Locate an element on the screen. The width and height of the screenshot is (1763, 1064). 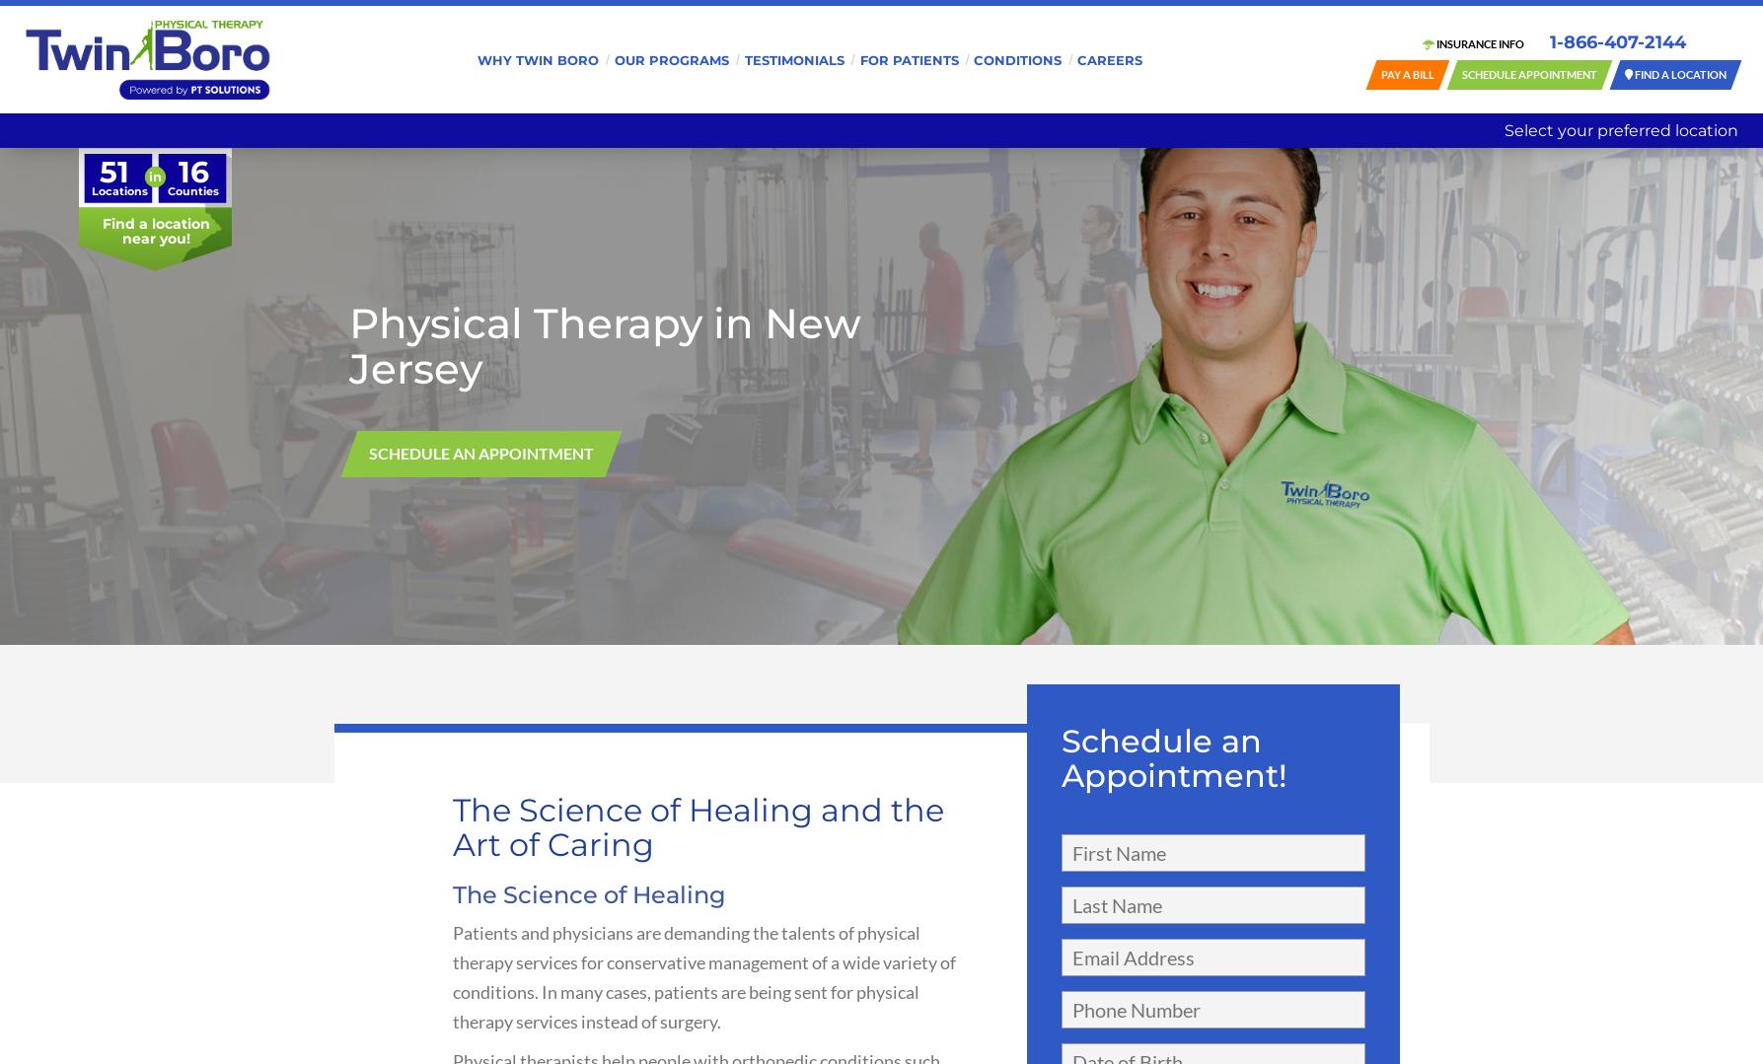
'Geriatric Rehabilitation' is located at coordinates (670, 138).